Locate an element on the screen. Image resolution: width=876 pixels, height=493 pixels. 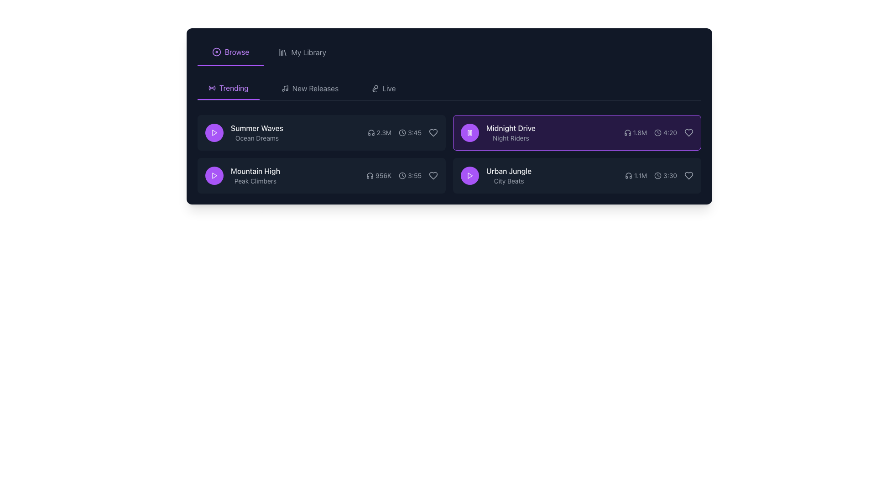
the compact library icon located to the left of the 'My Library' text in the navigation bar is located at coordinates (282, 52).